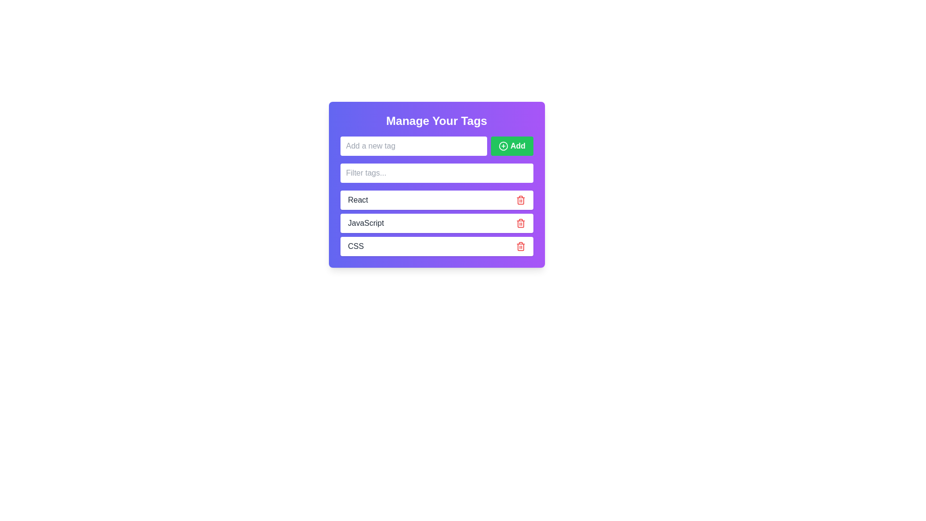 Image resolution: width=926 pixels, height=521 pixels. Describe the element at coordinates (436, 146) in the screenshot. I see `the input field or the 'Add' button located in the 'Manage Your Tags' section, which allows users to input a new tag and perform the tagging action` at that location.